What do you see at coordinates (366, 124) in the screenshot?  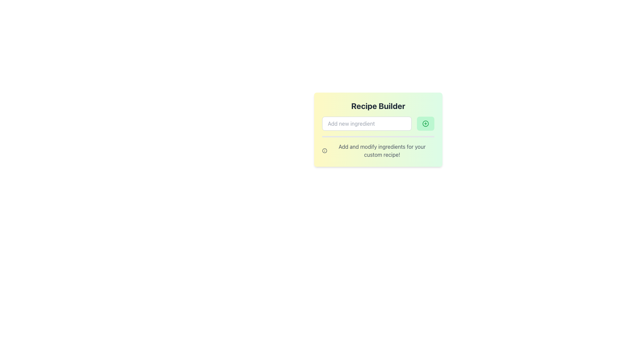 I see `the text input field for adding a new ingredient, which is the first item` at bounding box center [366, 124].